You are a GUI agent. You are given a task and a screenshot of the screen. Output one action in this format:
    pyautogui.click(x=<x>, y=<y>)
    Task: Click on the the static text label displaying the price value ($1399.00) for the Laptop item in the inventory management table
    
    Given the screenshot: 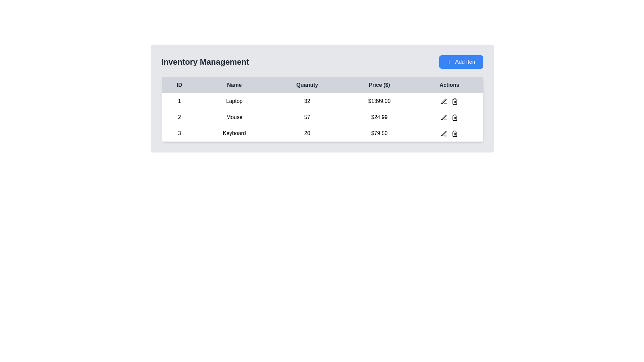 What is the action you would take?
    pyautogui.click(x=379, y=101)
    